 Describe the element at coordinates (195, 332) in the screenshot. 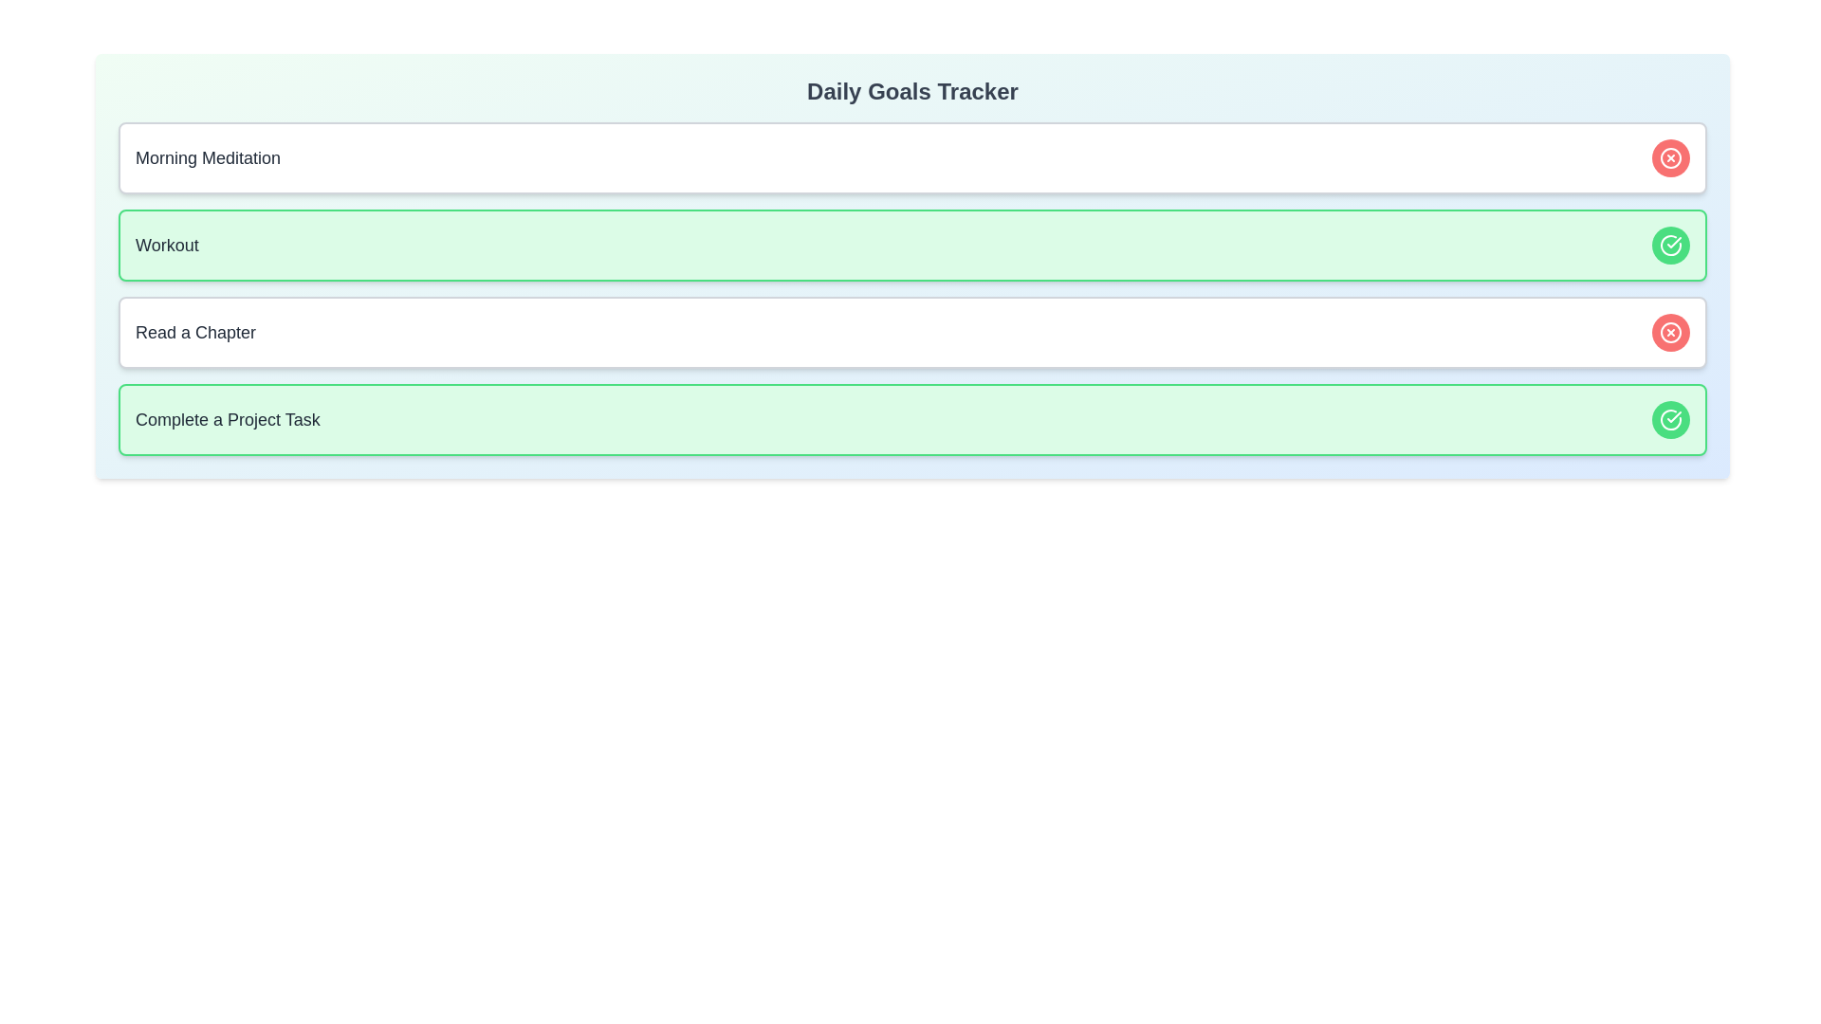

I see `the content of the goal titled Read a Chapter` at that location.